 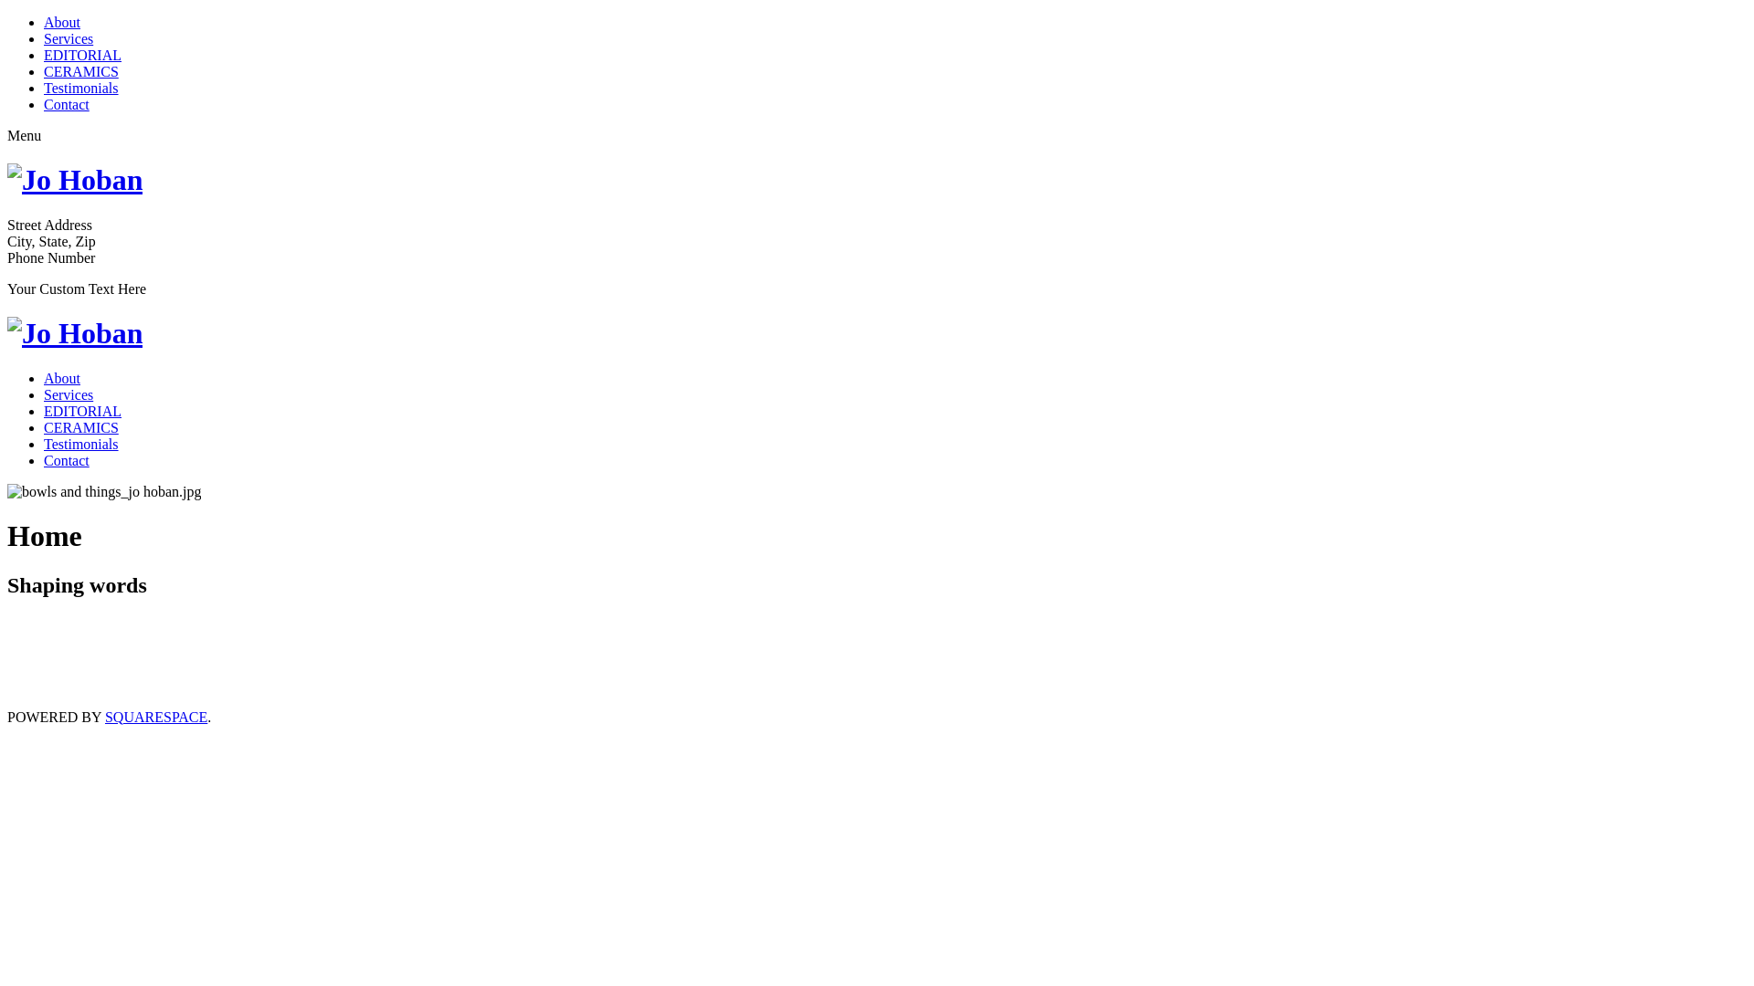 I want to click on 'Services', so click(x=69, y=393).